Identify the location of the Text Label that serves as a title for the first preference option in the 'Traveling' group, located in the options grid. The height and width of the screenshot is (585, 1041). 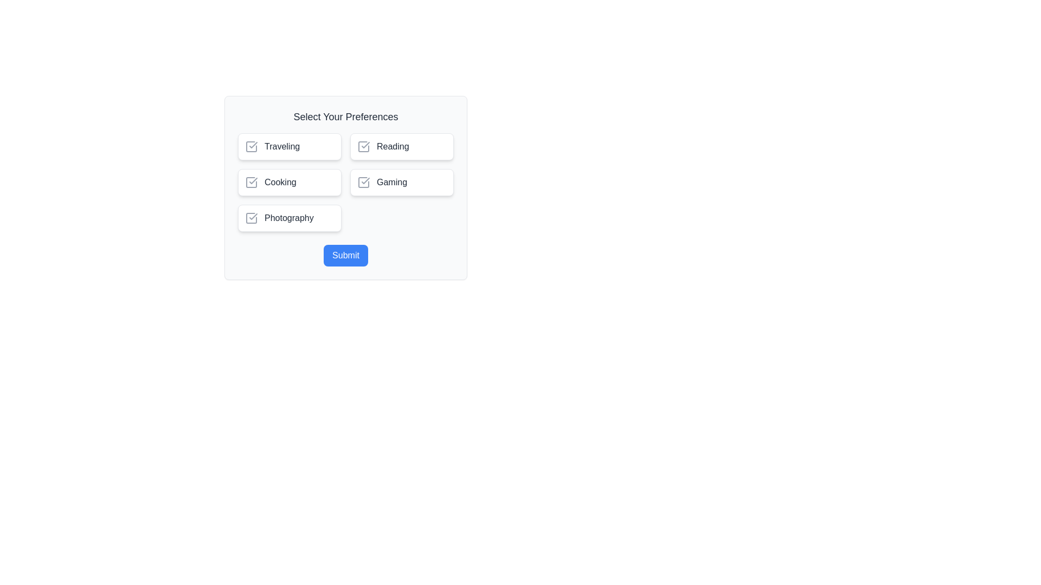
(282, 146).